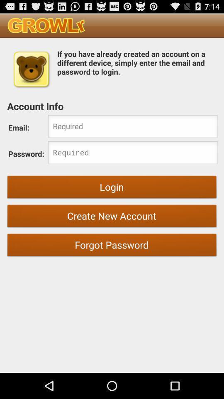 Image resolution: width=224 pixels, height=399 pixels. Describe the element at coordinates (112, 217) in the screenshot. I see `button below login item` at that location.